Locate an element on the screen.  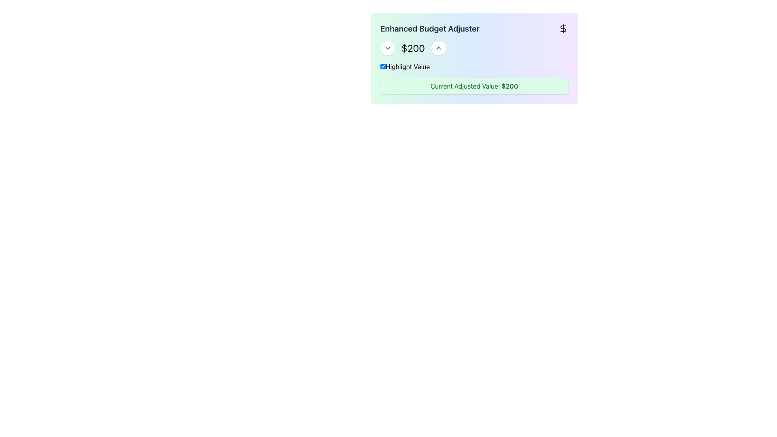
the circular button with a white background and upward-pointing chevron icon, located to the right of the '$200' text label is located at coordinates (438, 48).